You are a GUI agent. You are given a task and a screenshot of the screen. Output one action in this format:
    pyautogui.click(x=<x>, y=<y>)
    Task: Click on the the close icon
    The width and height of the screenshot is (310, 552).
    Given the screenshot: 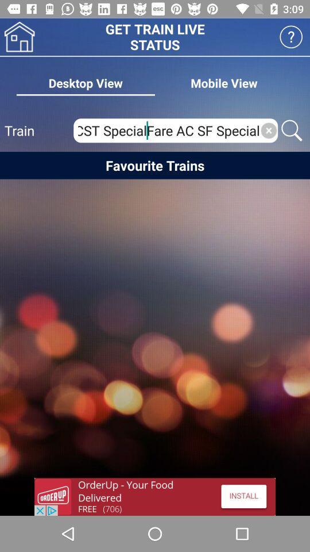 What is the action you would take?
    pyautogui.click(x=269, y=131)
    